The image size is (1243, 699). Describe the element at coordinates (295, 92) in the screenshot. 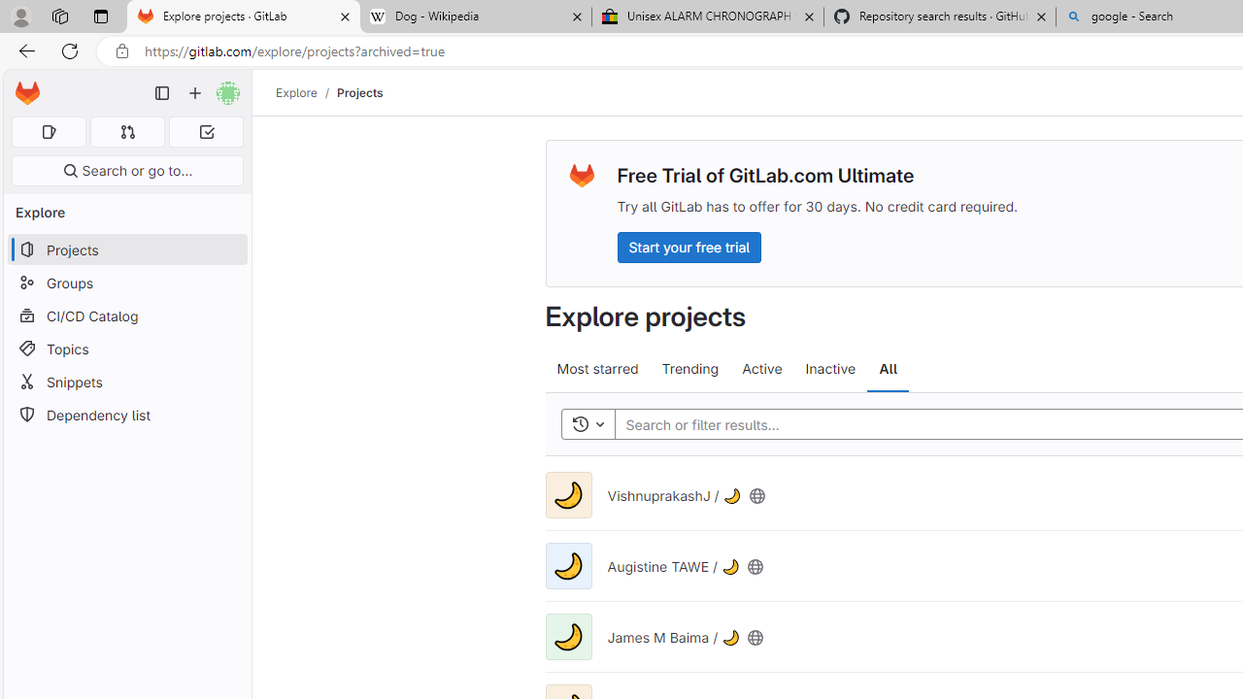

I see `'Explore'` at that location.